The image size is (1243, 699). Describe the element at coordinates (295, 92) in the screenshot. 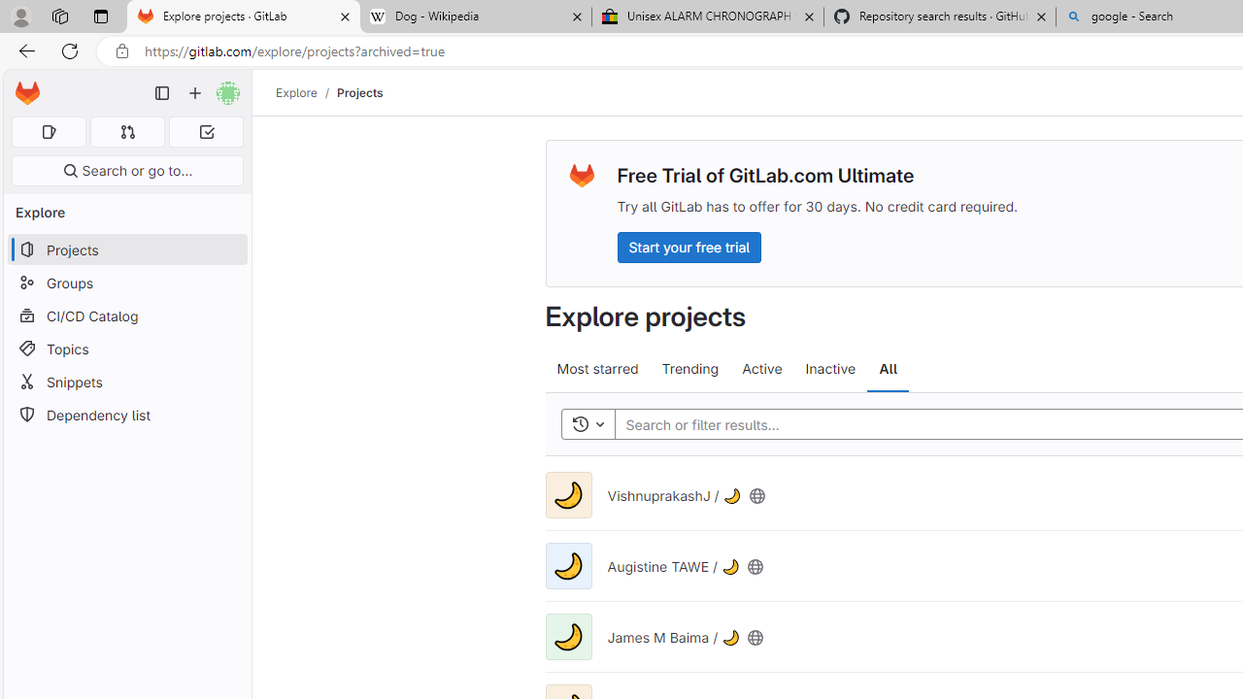

I see `'Explore'` at that location.